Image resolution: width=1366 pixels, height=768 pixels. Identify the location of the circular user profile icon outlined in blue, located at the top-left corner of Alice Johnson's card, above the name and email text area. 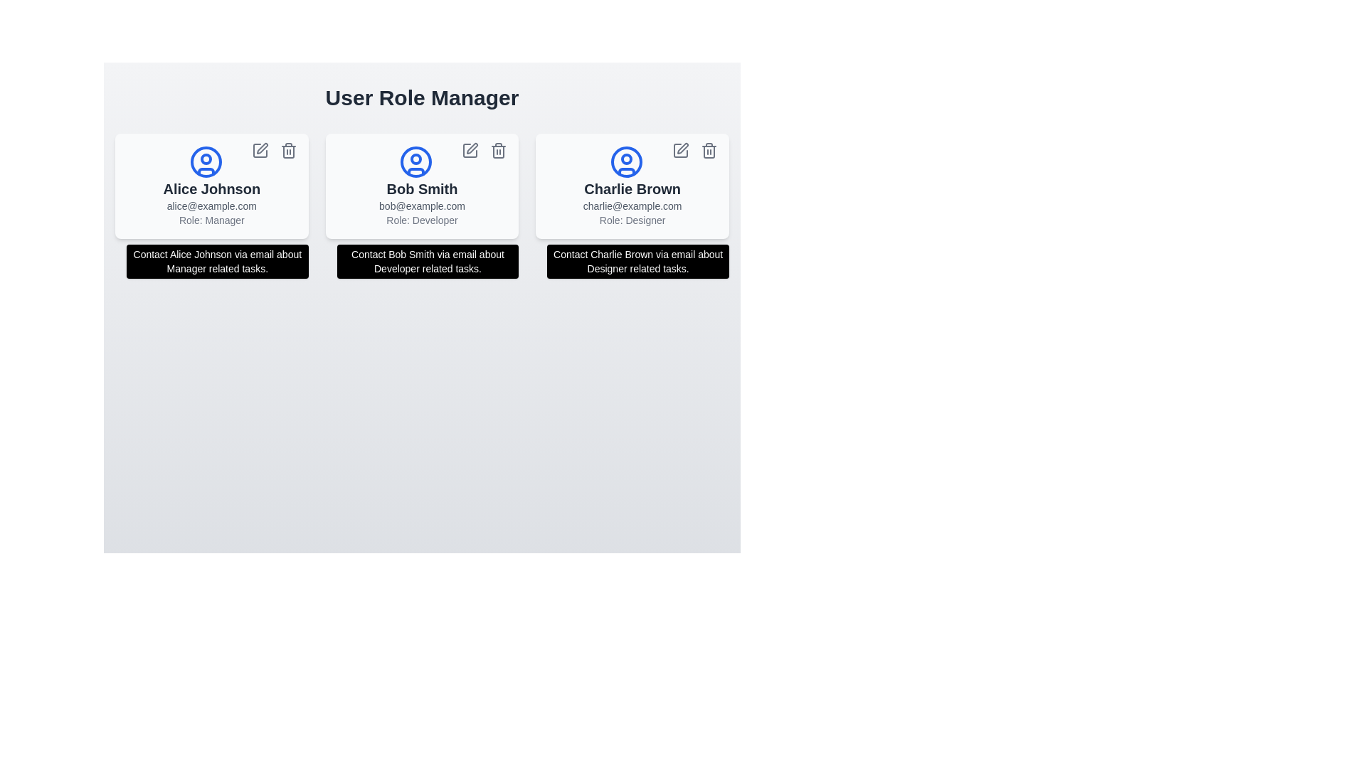
(205, 161).